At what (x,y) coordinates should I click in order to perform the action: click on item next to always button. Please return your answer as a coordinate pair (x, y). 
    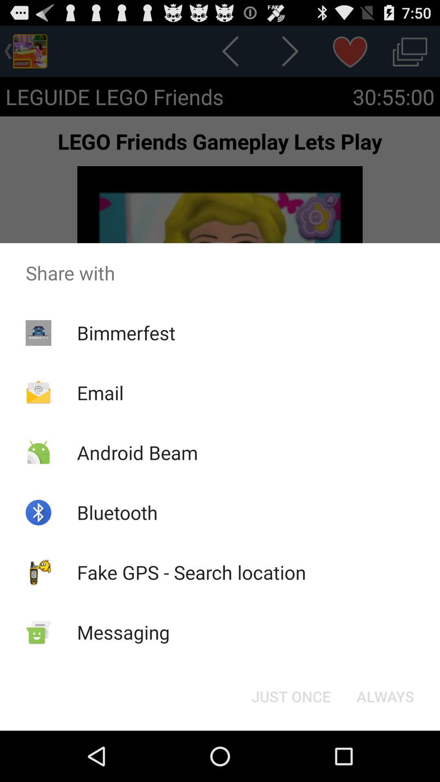
    Looking at the image, I should click on (290, 696).